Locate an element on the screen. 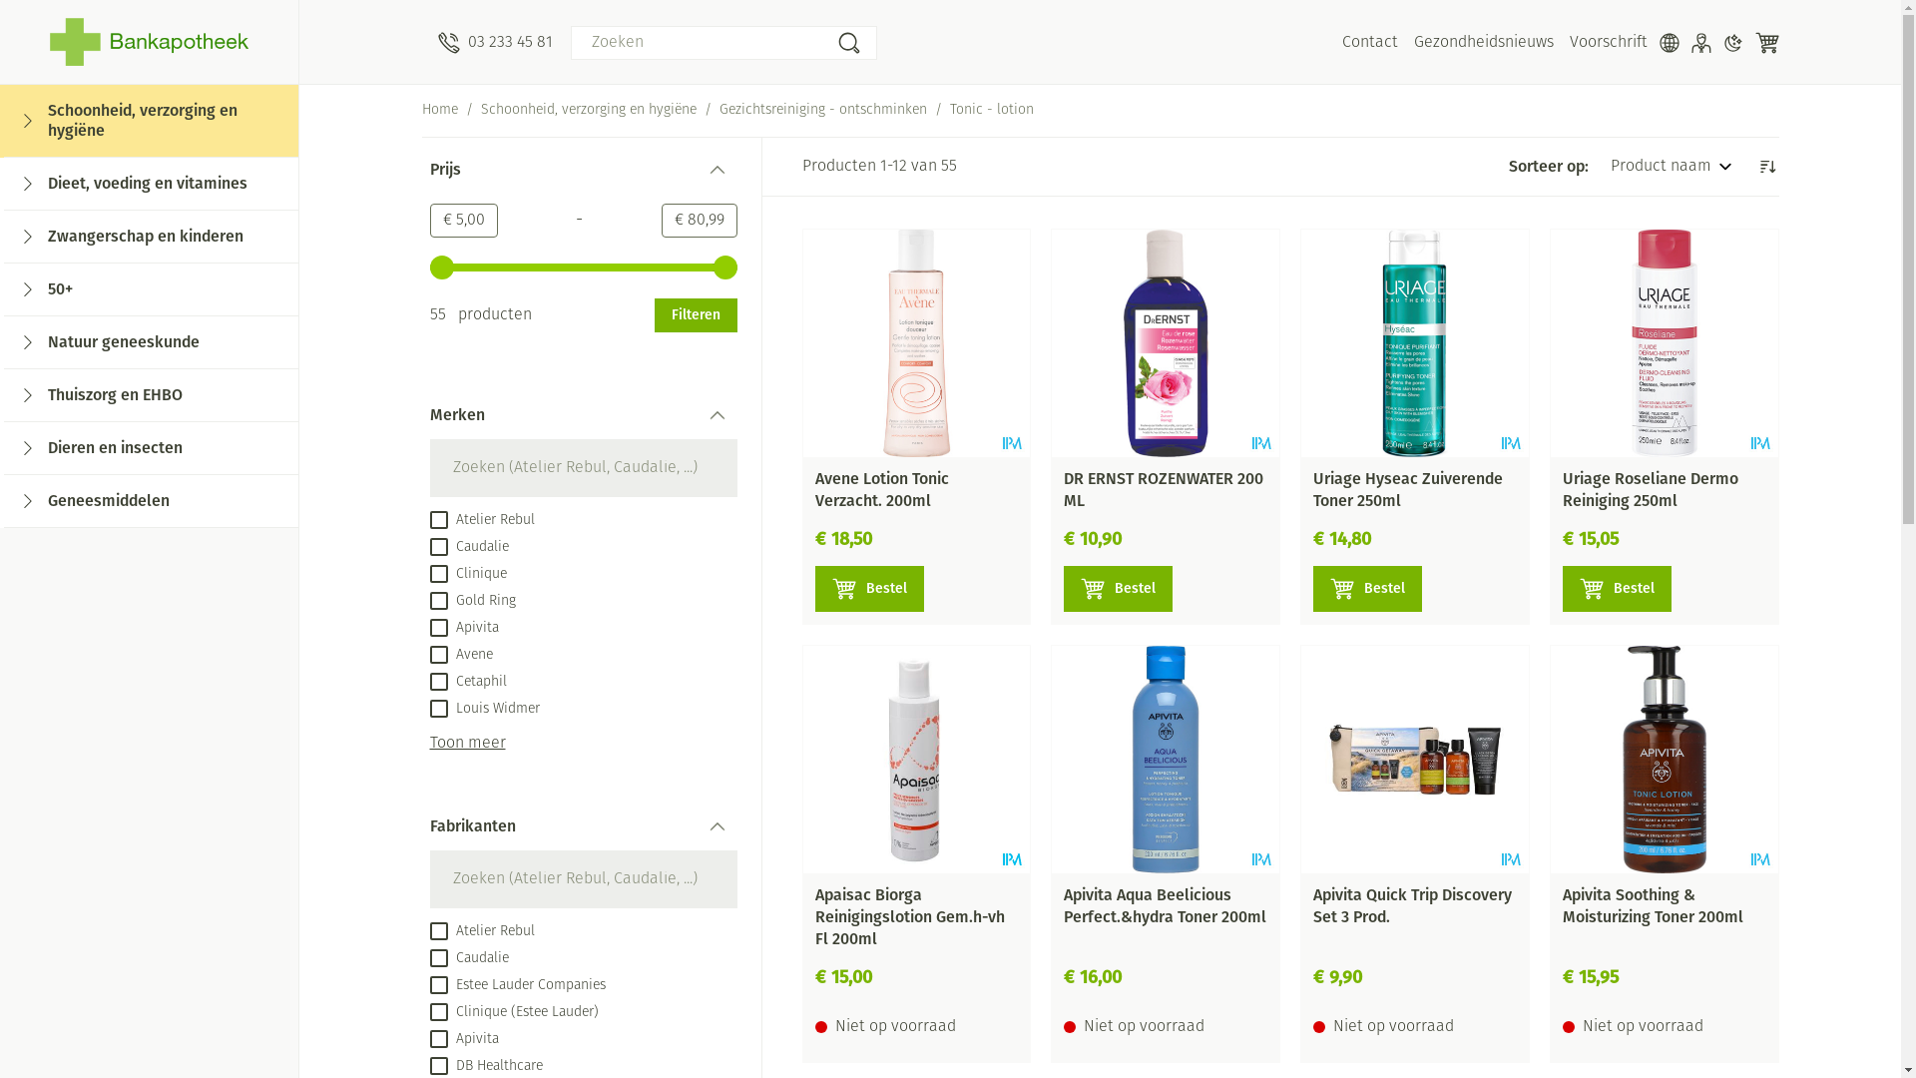 The width and height of the screenshot is (1916, 1078). 'DR ERNST ROZENWATER 200 ML' is located at coordinates (1164, 489).